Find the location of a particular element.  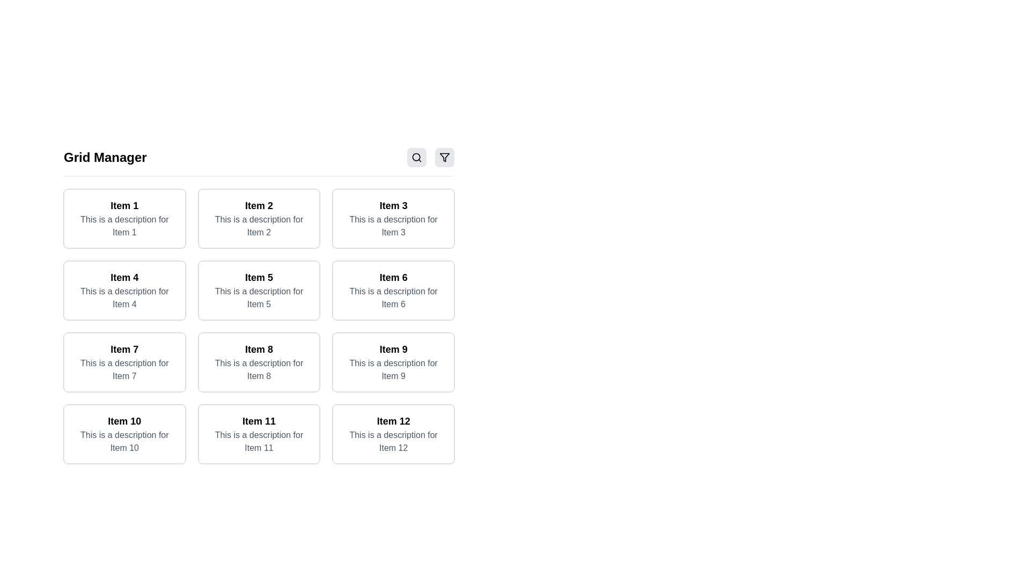

the Display card located in the second row, first column of the grid layout, which showcases the title and description of an entity is located at coordinates (124, 291).